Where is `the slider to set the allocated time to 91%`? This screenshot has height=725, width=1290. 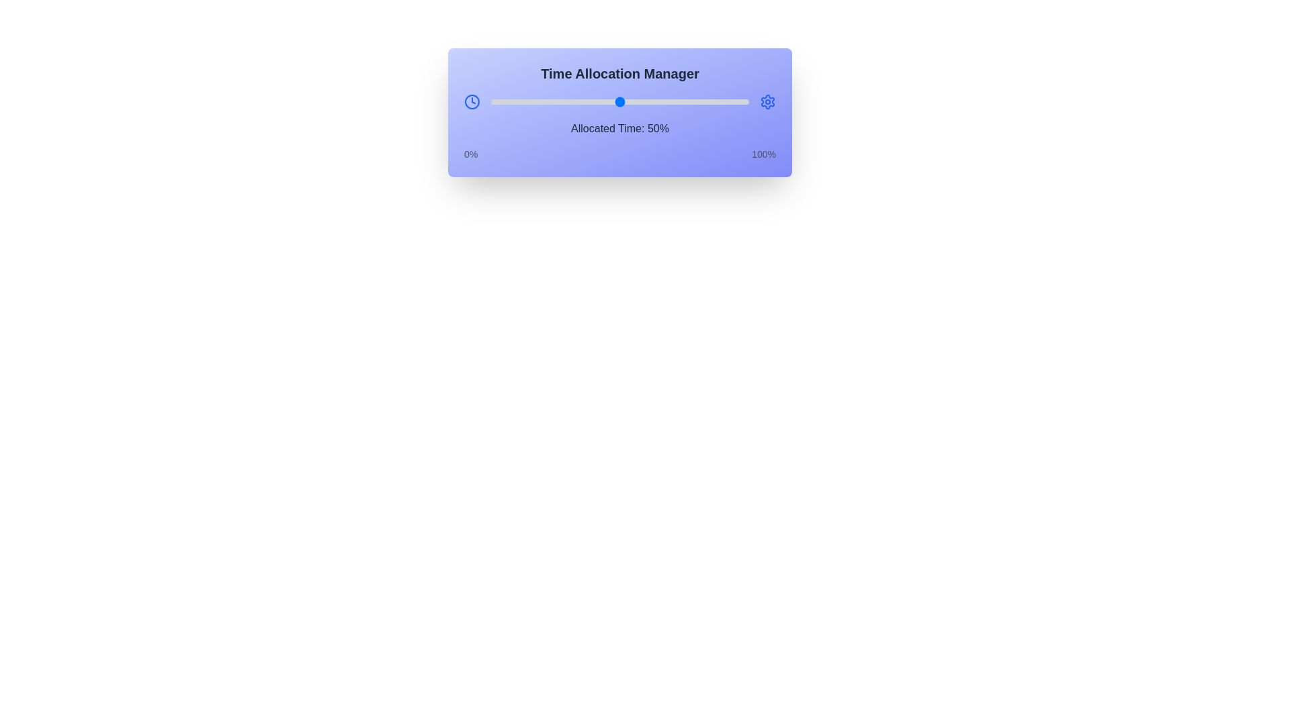 the slider to set the allocated time to 91% is located at coordinates (725, 101).